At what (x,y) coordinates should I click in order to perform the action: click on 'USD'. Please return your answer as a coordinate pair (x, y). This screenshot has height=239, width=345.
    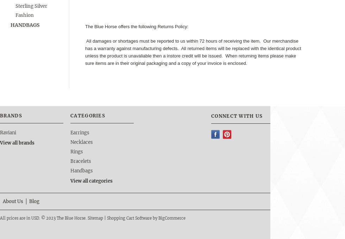
    Looking at the image, I should click on (35, 217).